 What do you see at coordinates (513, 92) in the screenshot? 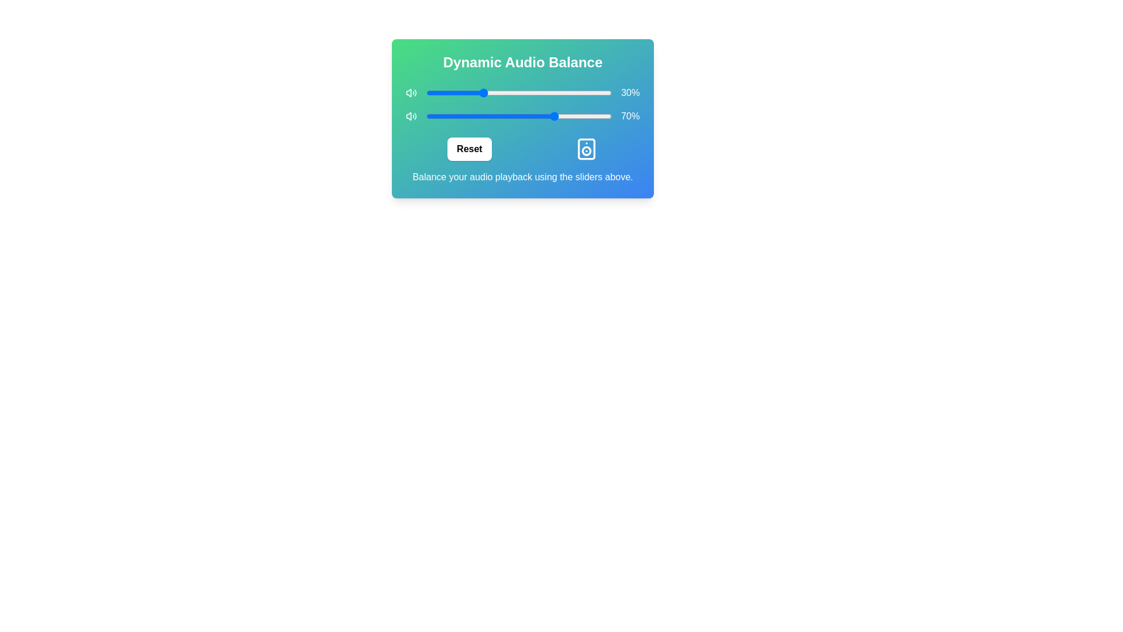
I see `the slider` at bounding box center [513, 92].